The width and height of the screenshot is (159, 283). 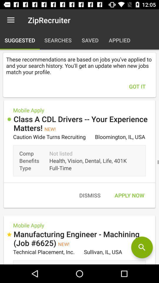 I want to click on the apply now item, so click(x=129, y=195).